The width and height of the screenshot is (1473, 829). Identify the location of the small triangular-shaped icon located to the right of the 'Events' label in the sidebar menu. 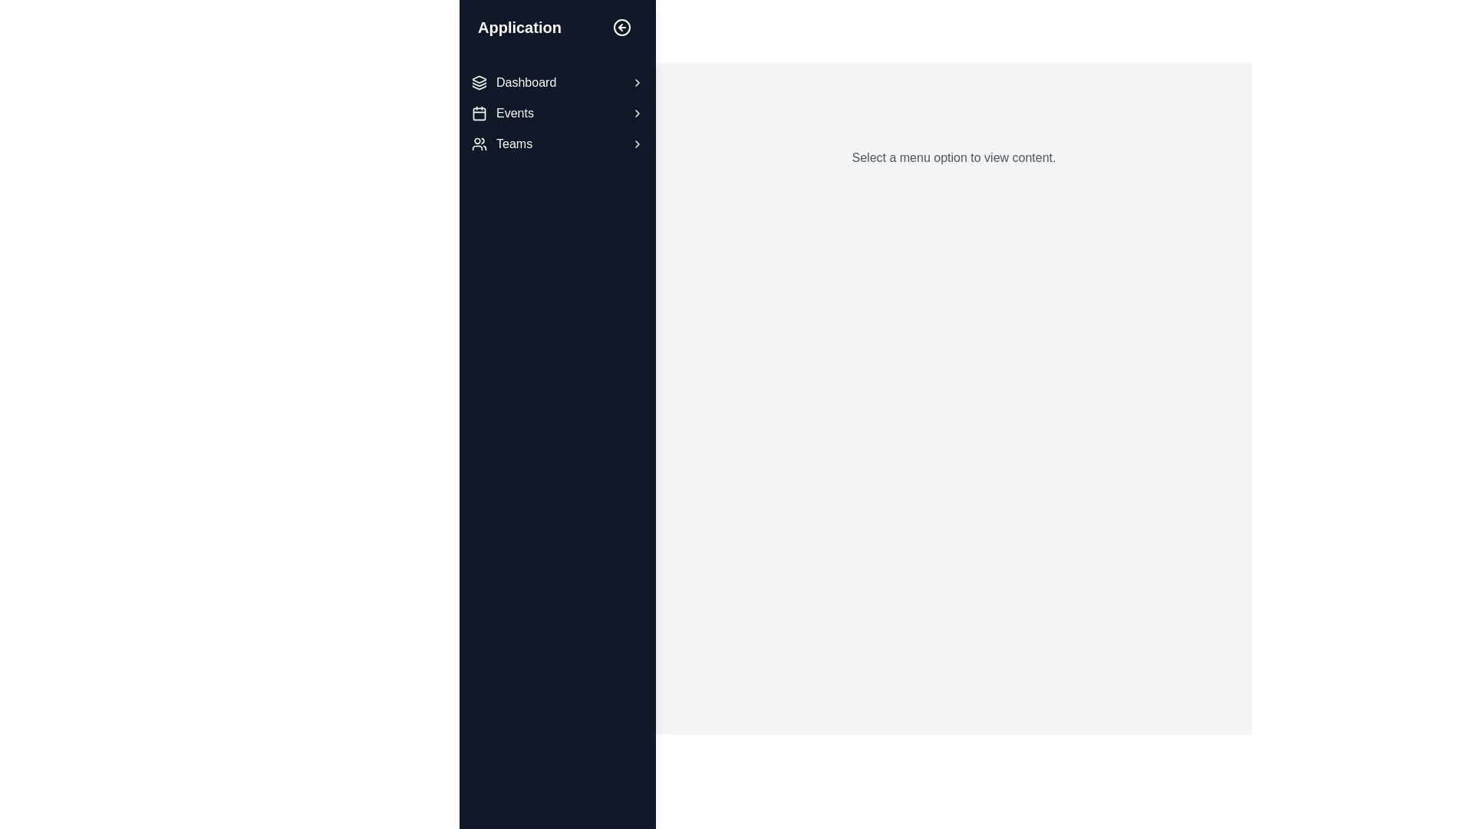
(637, 112).